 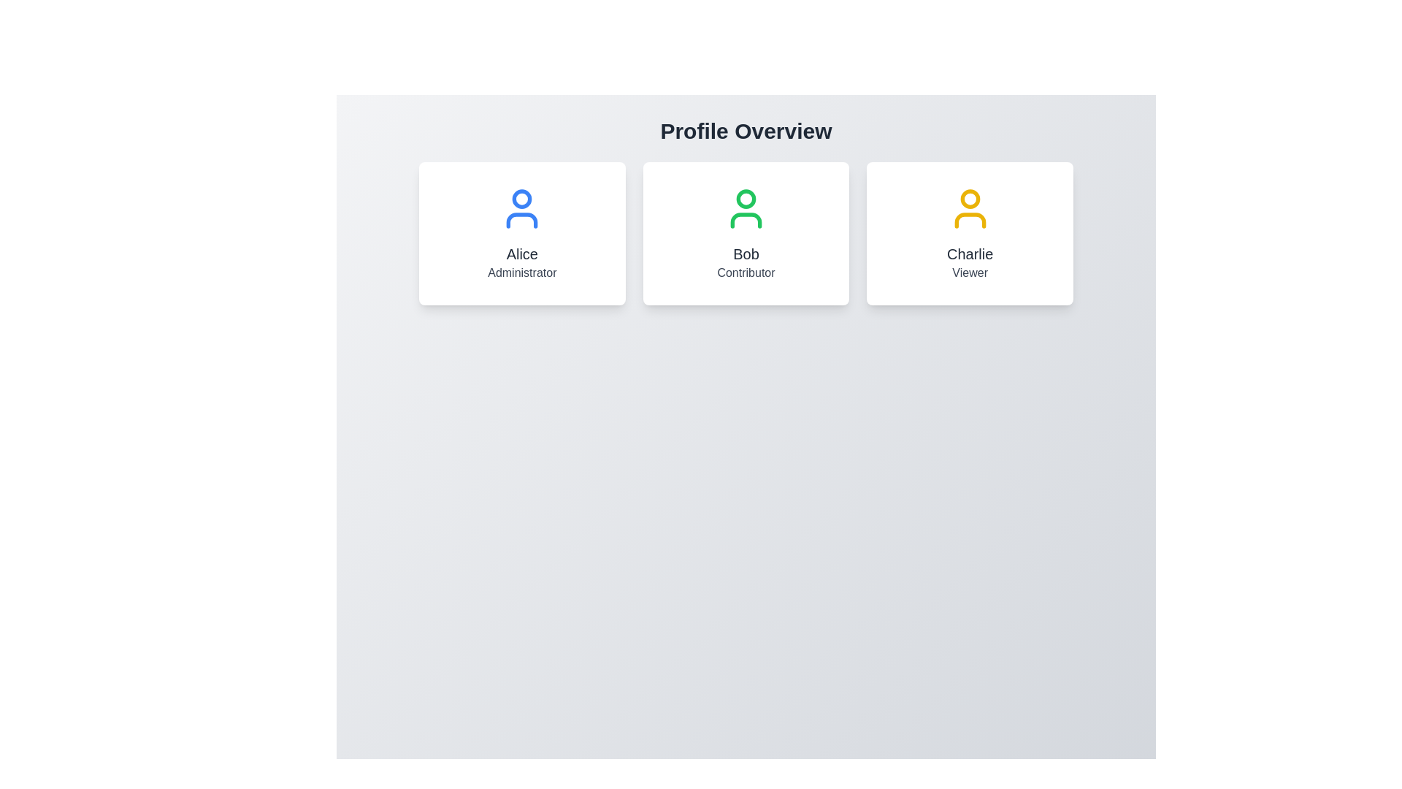 I want to click on text displayed in the 'Viewer' label located at the bottom of Charlie's profile card, which is part of a horizontally aligned grid of profile cards, so click(x=970, y=273).